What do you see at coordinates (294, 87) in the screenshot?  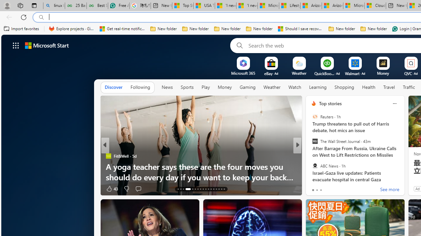 I see `'Watch'` at bounding box center [294, 87].